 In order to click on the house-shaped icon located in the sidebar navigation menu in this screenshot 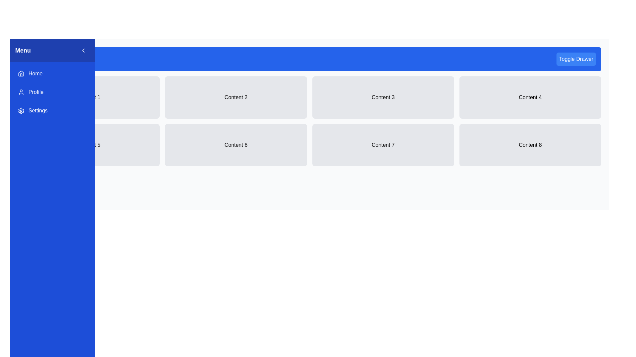, I will do `click(21, 74)`.